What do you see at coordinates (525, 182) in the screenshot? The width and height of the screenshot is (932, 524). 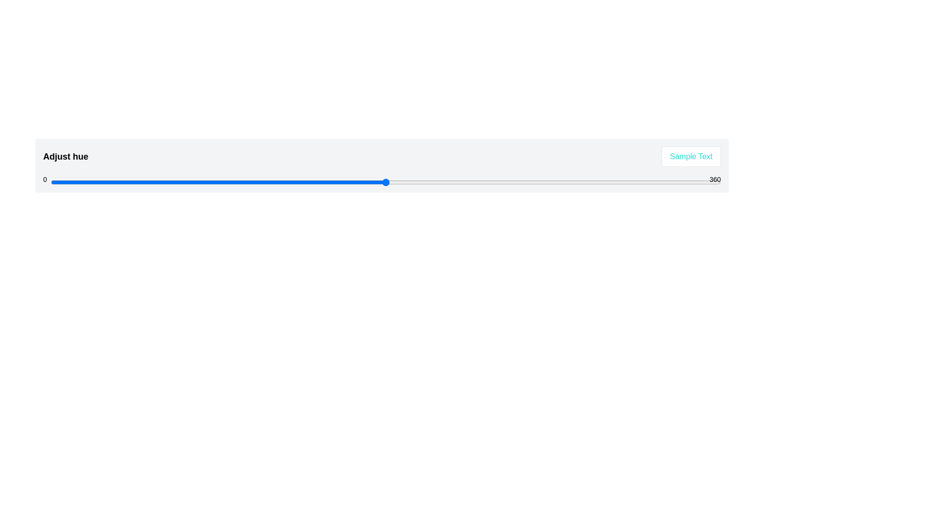 I see `the hue slider to a value of 255` at bounding box center [525, 182].